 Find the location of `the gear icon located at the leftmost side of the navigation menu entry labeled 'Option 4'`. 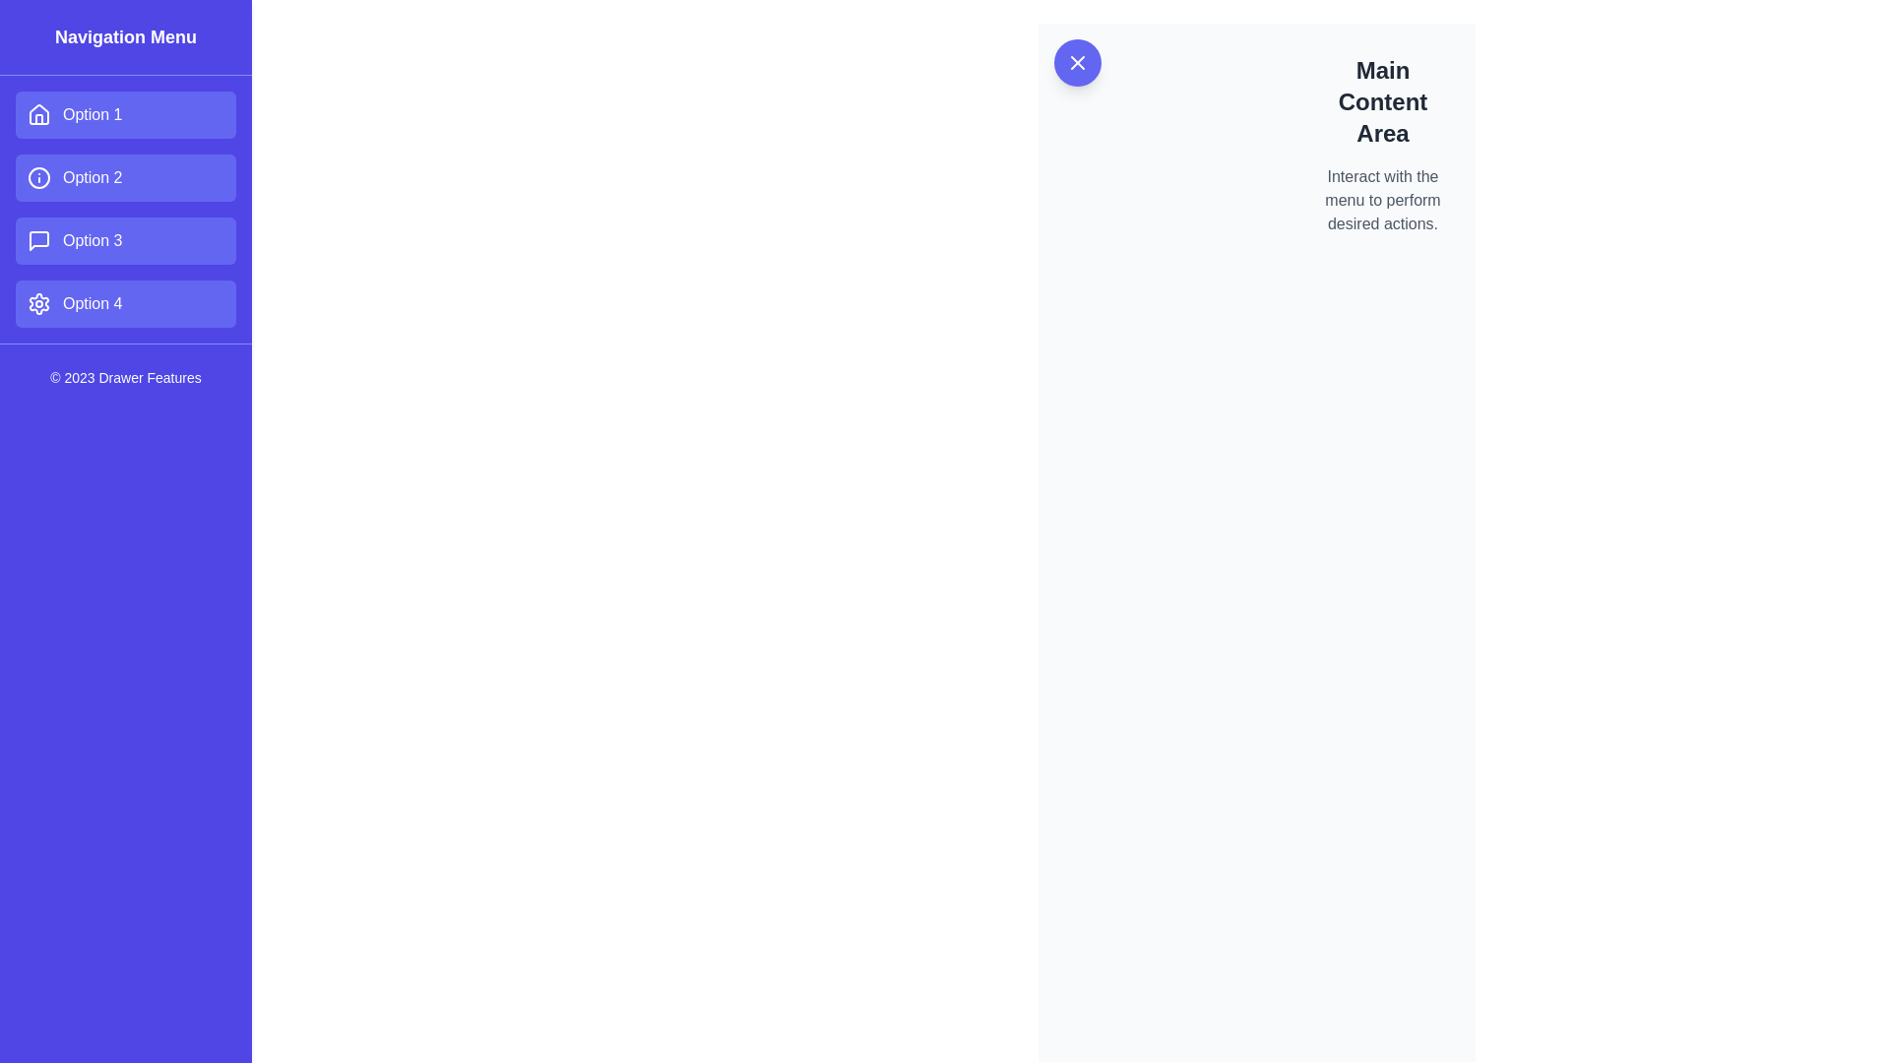

the gear icon located at the leftmost side of the navigation menu entry labeled 'Option 4' is located at coordinates (38, 303).